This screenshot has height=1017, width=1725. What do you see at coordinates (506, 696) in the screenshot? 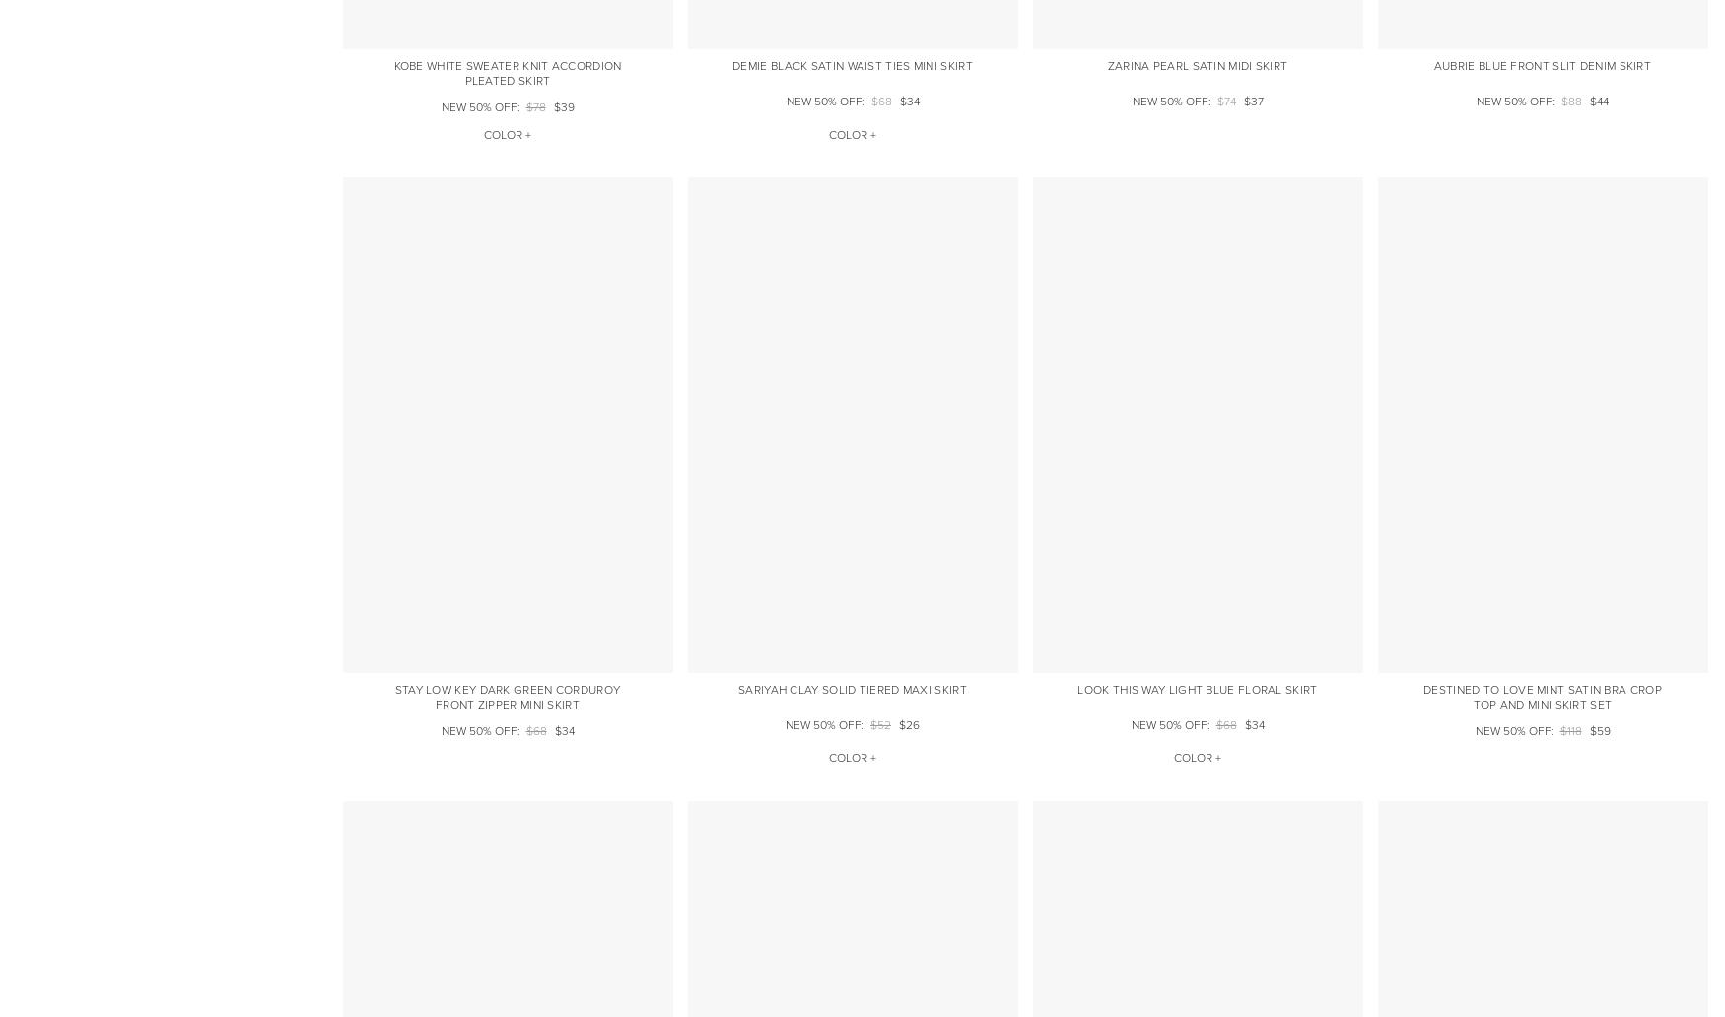
I see `'Stay Low Key Dark Green Corduroy Front Zipper Mini Skirt'` at bounding box center [506, 696].